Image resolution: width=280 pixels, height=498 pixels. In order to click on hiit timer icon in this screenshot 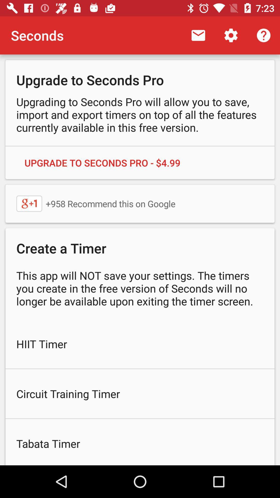, I will do `click(140, 344)`.